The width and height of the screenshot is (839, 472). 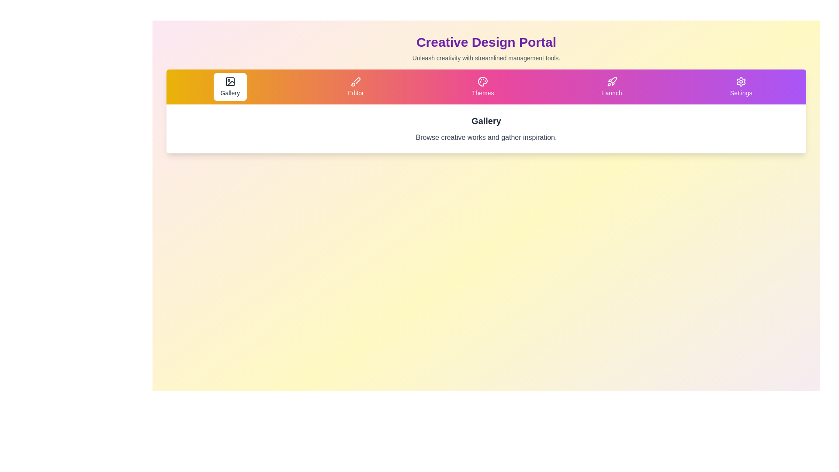 What do you see at coordinates (356, 87) in the screenshot?
I see `the navigational button that activates the editing feature` at bounding box center [356, 87].